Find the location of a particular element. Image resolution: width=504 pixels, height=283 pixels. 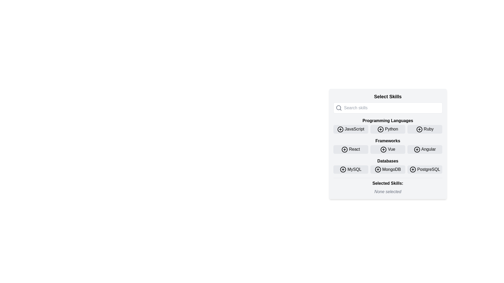

the circular icon button with a '+' symbol located on the left side of the 'MongoDB' button is located at coordinates (377, 170).